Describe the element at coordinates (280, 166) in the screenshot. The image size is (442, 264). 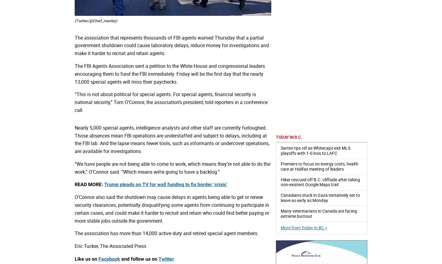
I see `'Premiers to focus on energy costs, health care at Halifax meeting of leaders'` at that location.